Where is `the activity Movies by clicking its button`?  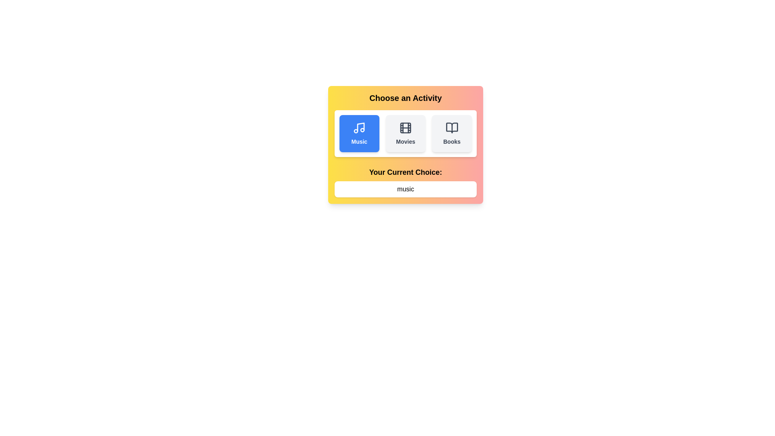 the activity Movies by clicking its button is located at coordinates (405, 133).